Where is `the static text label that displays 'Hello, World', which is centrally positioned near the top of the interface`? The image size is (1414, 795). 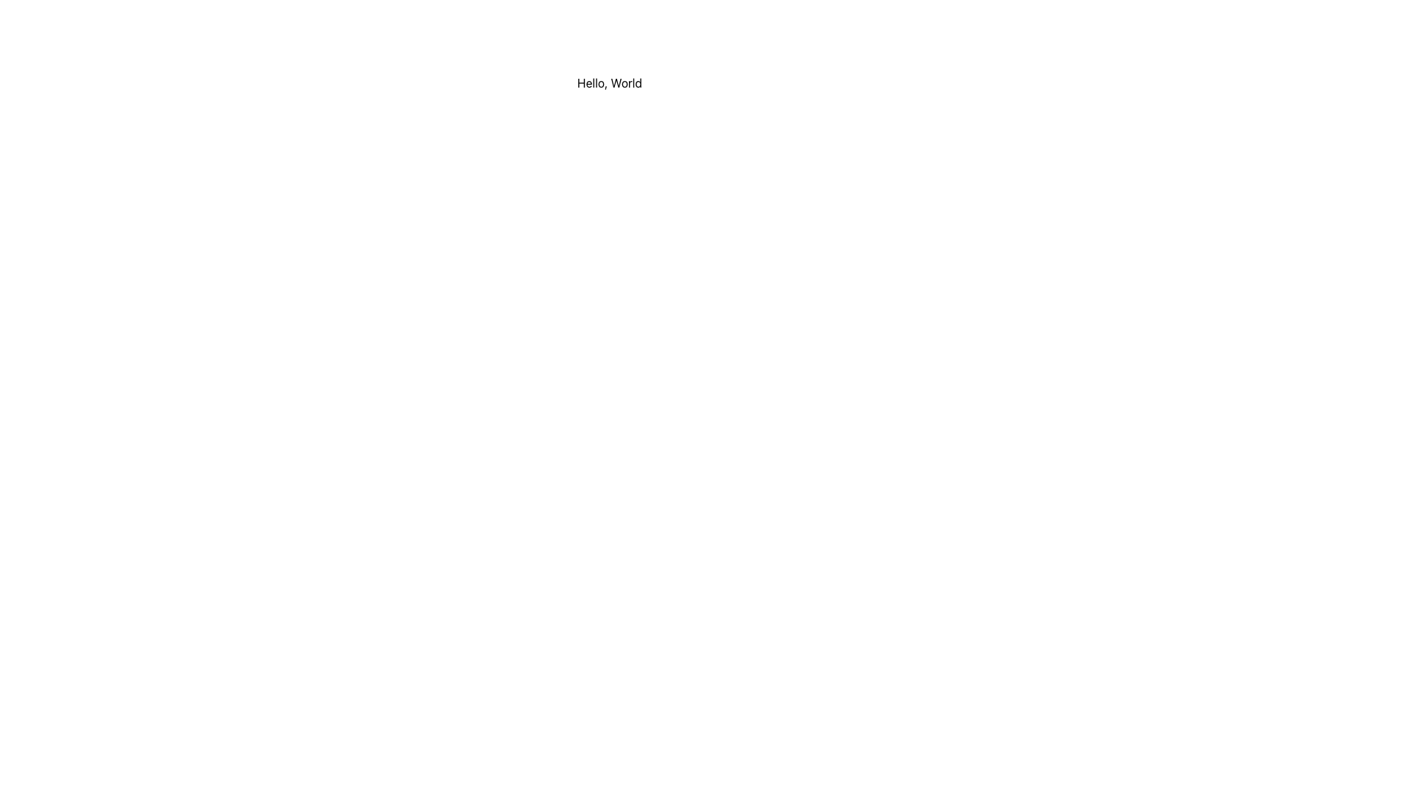
the static text label that displays 'Hello, World', which is centrally positioned near the top of the interface is located at coordinates (610, 82).